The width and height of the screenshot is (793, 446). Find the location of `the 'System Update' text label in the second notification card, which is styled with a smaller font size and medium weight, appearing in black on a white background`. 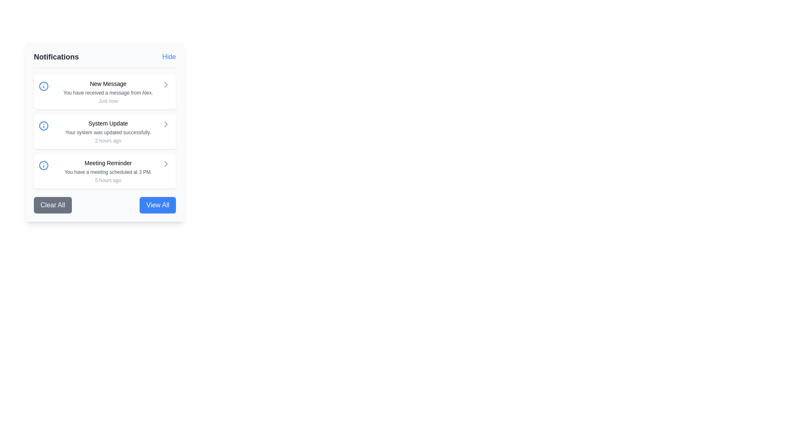

the 'System Update' text label in the second notification card, which is styled with a smaller font size and medium weight, appearing in black on a white background is located at coordinates (108, 123).